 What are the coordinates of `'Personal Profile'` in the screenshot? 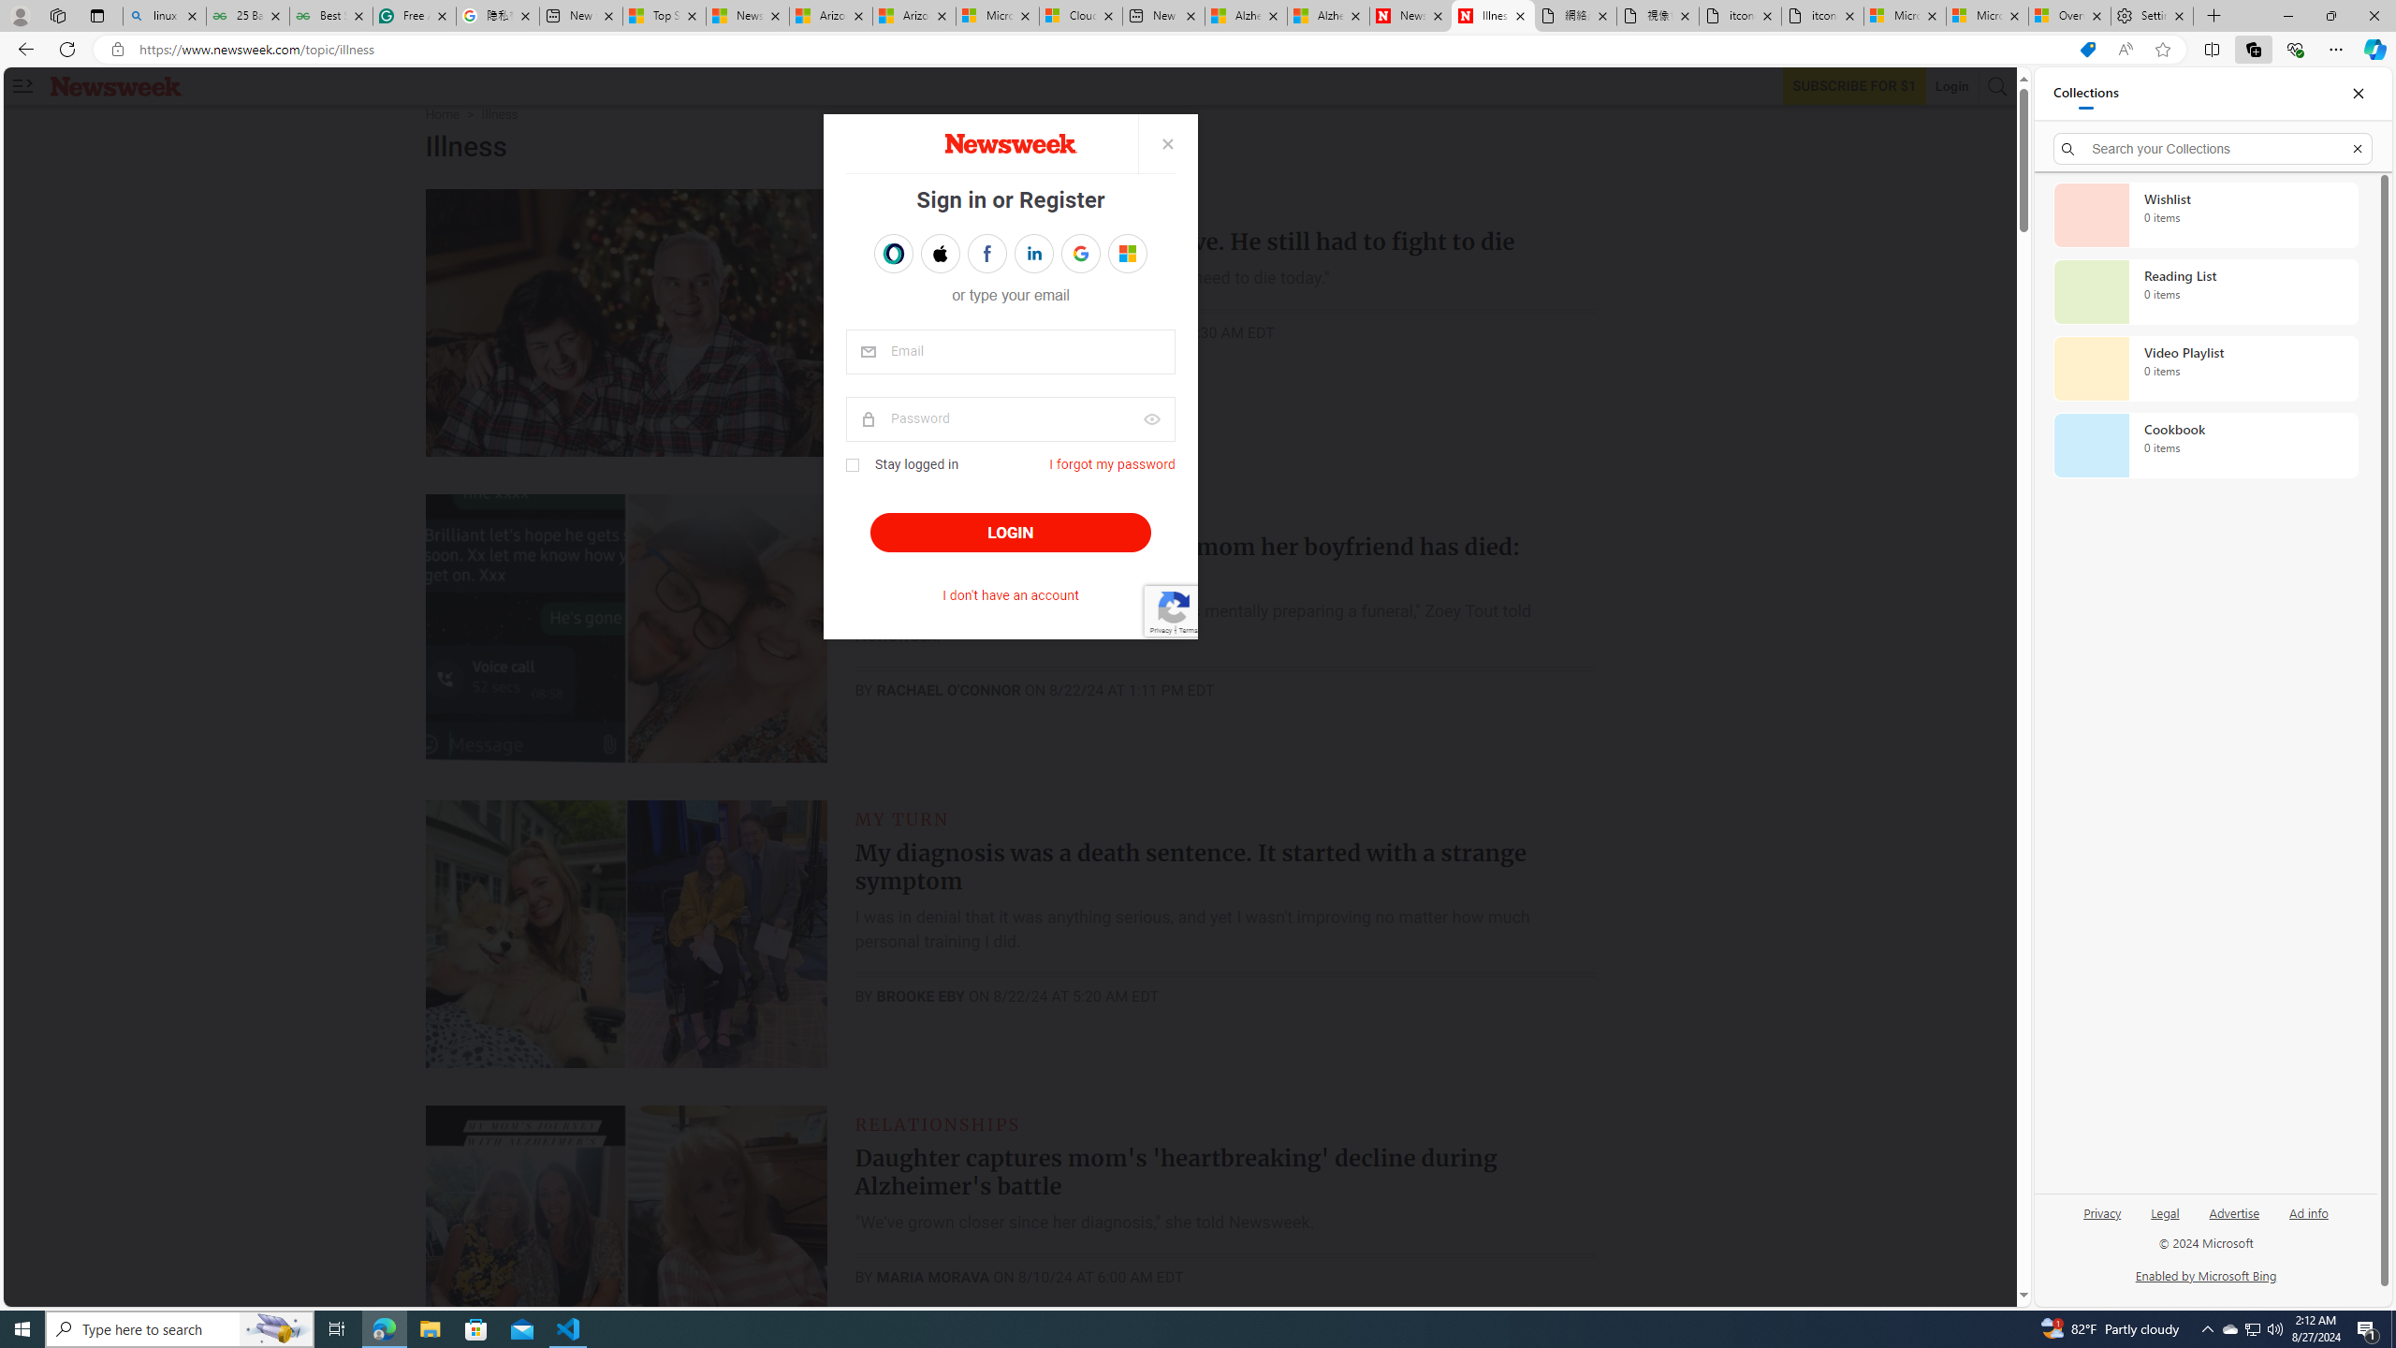 It's located at (19, 15).